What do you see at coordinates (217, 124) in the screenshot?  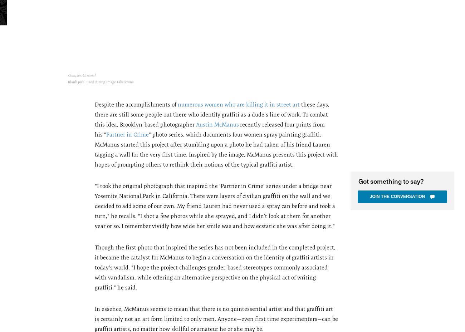 I see `'Austin McManus'` at bounding box center [217, 124].